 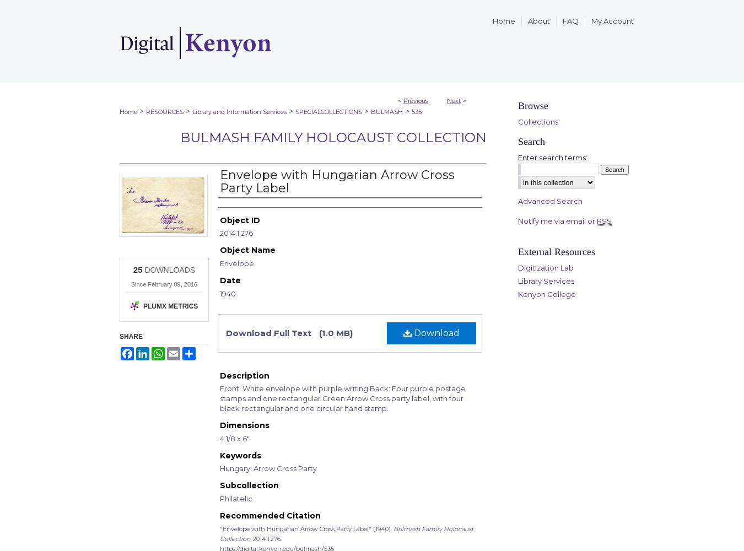 I want to click on 'Next', so click(x=454, y=101).